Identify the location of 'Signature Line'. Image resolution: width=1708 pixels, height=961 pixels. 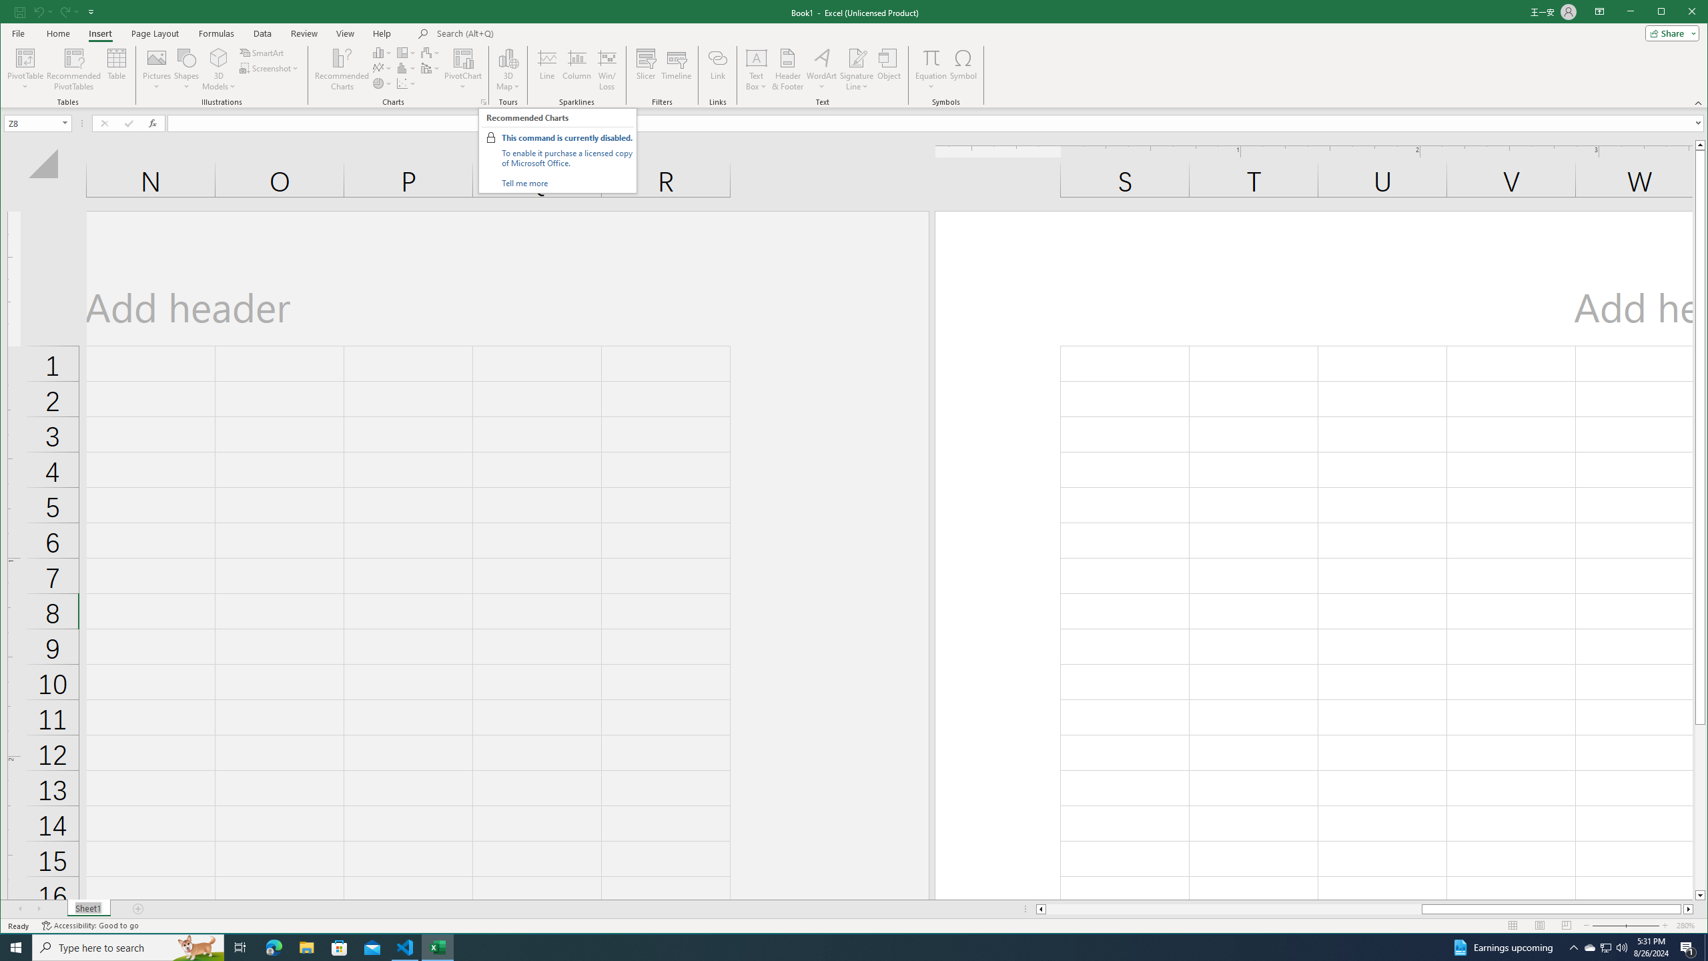
(856, 69).